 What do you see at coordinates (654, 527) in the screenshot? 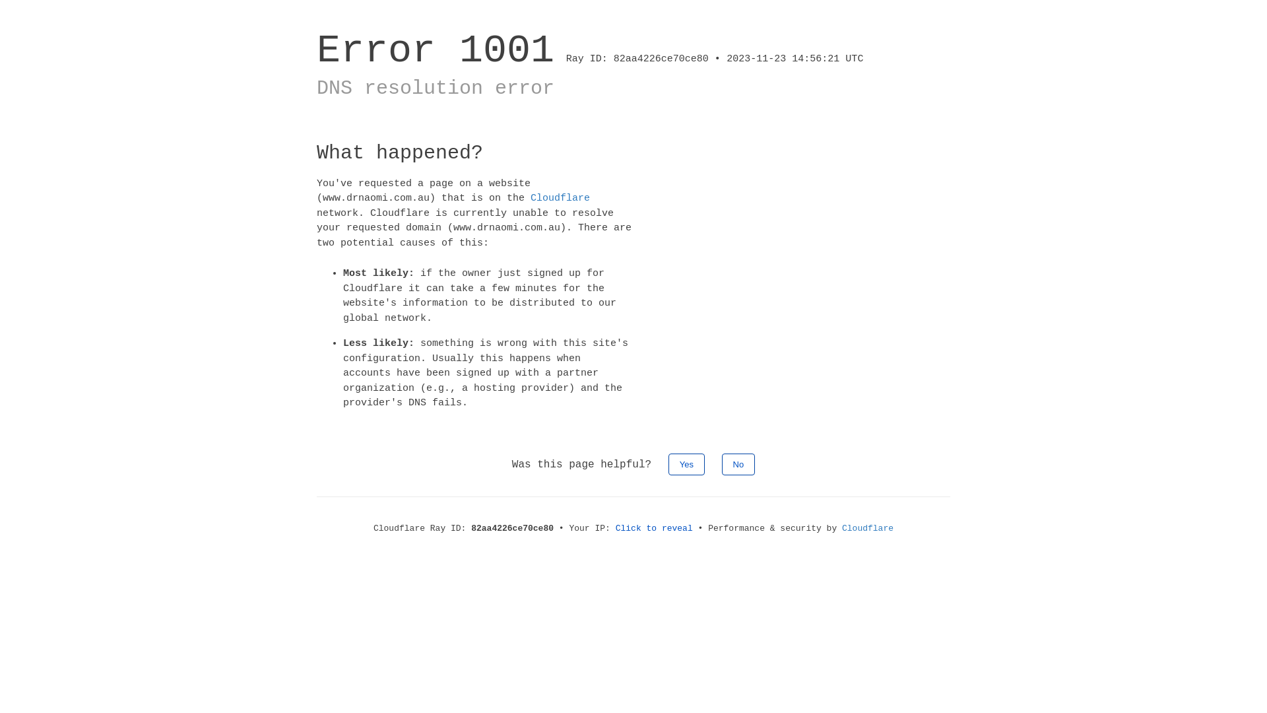
I see `'Click to reveal'` at bounding box center [654, 527].